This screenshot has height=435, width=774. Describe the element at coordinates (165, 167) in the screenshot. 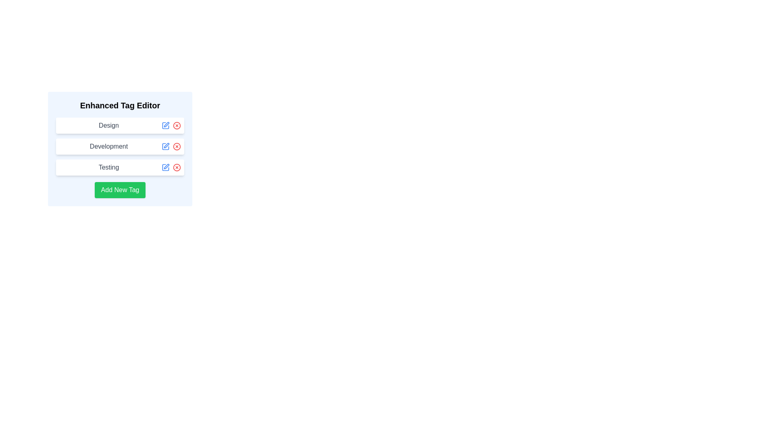

I see `the blue pen icon button in the 'Enhanced Tag Editor' section to initiate edit mode for the 'Testing' tag` at that location.